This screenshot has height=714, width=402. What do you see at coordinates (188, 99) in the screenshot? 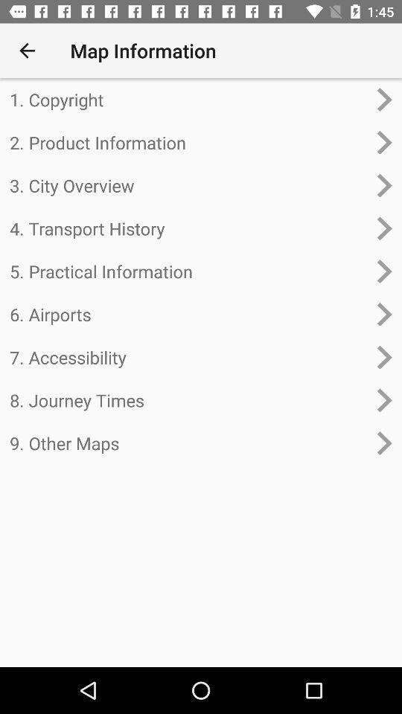
I see `1. copyright icon` at bounding box center [188, 99].